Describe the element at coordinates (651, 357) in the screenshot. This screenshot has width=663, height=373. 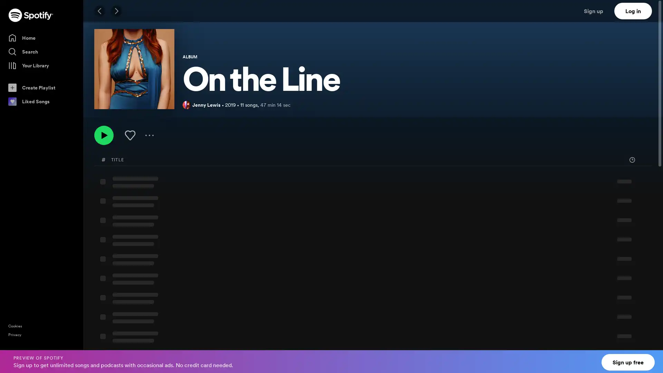
I see `Close` at that location.